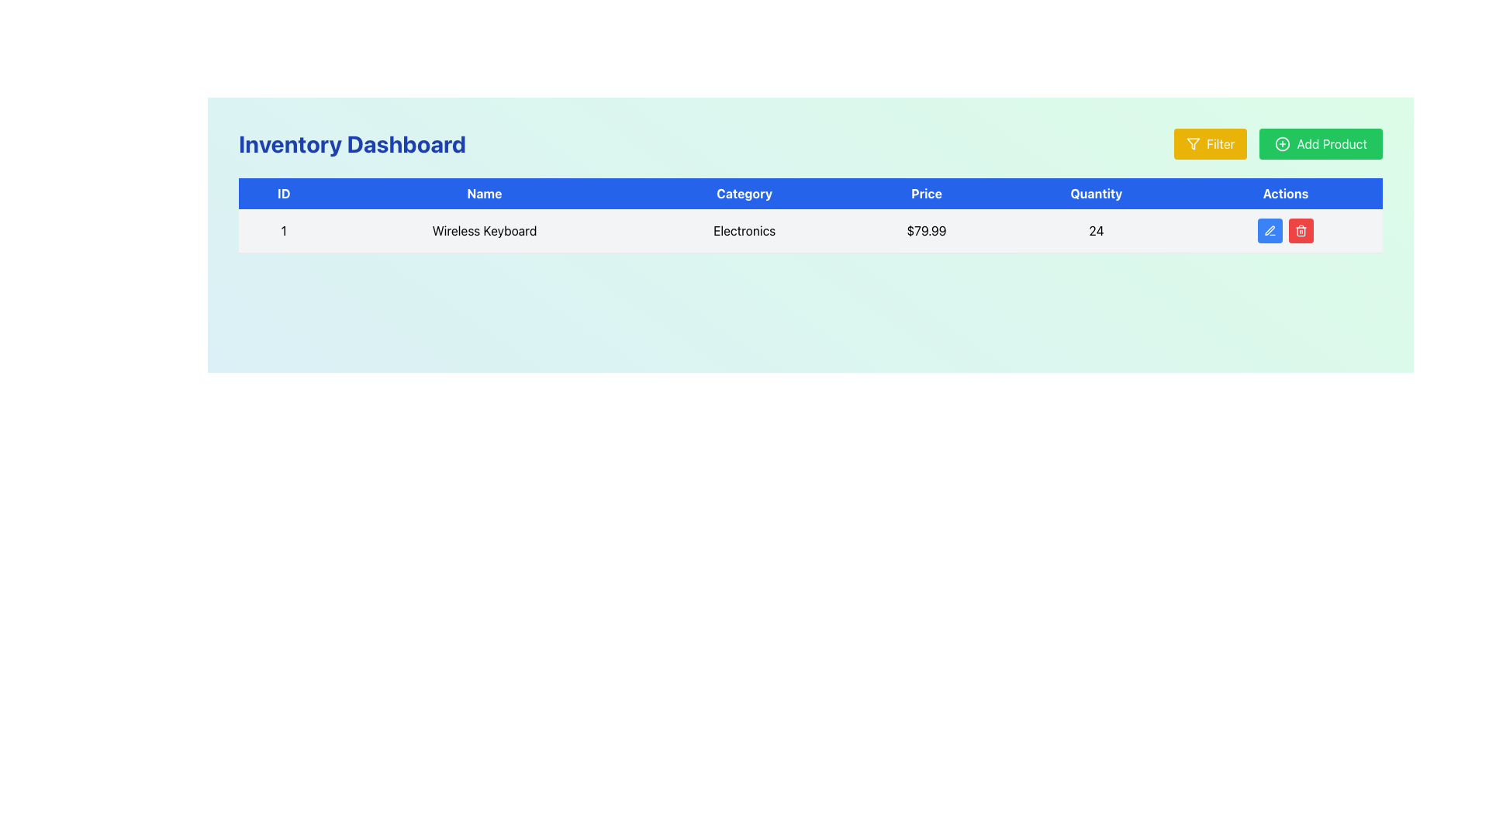 The image size is (1489, 837). Describe the element at coordinates (1210, 143) in the screenshot. I see `the 'Filter' button with a yellow background and white text, located at the top-right corner of the interface, for keyboard navigation` at that location.